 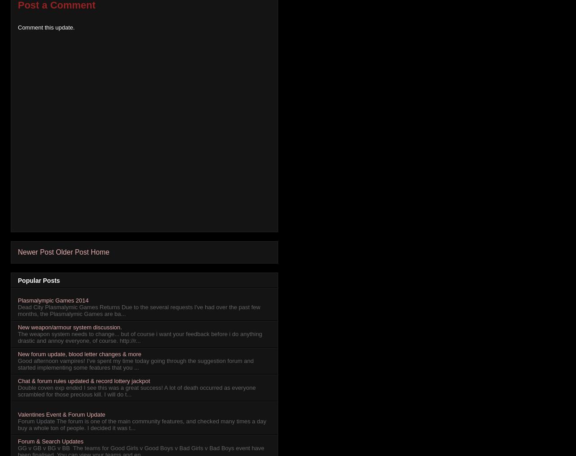 I want to click on 'Plasmalympic Games 2014', so click(x=18, y=300).